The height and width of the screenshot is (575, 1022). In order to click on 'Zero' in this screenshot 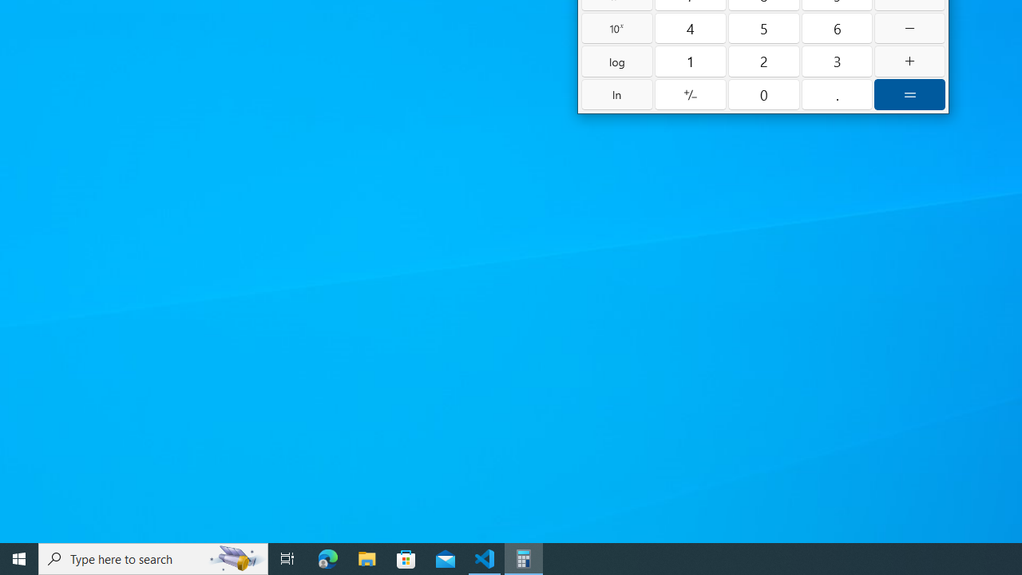, I will do `click(763, 94)`.